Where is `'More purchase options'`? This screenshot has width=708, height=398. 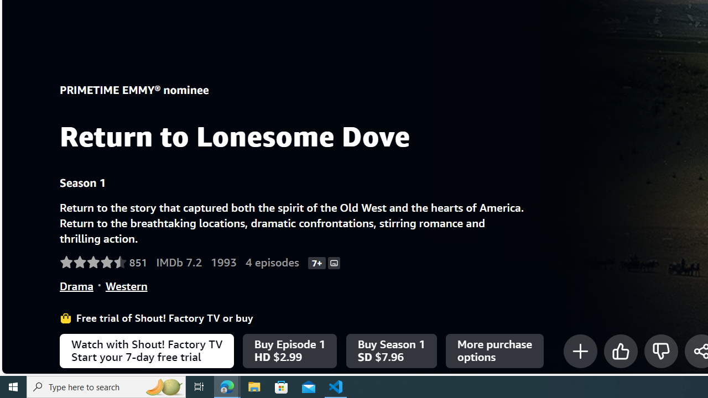
'More purchase options' is located at coordinates (494, 351).